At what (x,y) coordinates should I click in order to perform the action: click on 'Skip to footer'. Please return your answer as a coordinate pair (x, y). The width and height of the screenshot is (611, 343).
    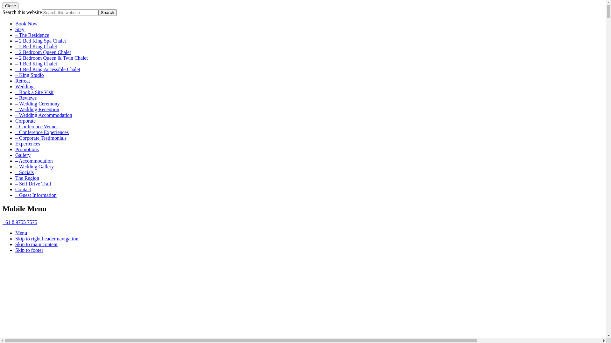
    Looking at the image, I should click on (29, 250).